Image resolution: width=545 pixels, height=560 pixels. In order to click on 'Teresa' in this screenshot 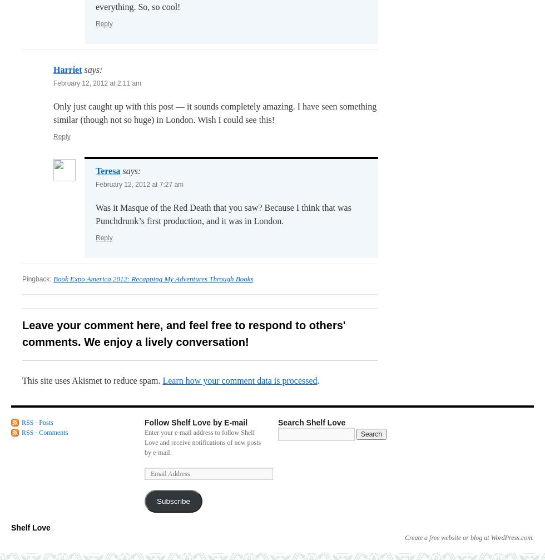, I will do `click(95, 171)`.